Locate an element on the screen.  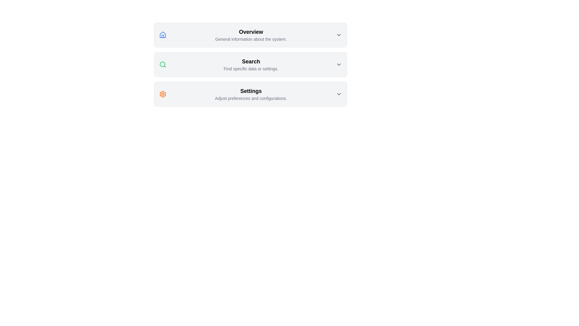
the house-shaped icon styled with blue lines is located at coordinates (163, 35).